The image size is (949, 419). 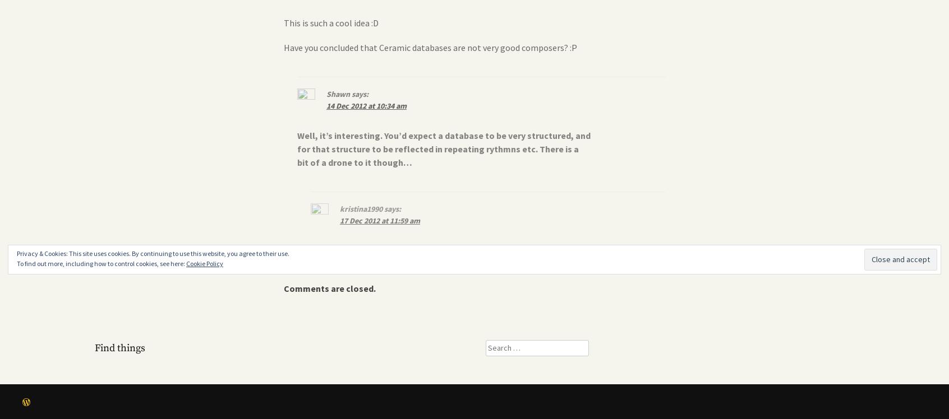 What do you see at coordinates (120, 347) in the screenshot?
I see `'Find things'` at bounding box center [120, 347].